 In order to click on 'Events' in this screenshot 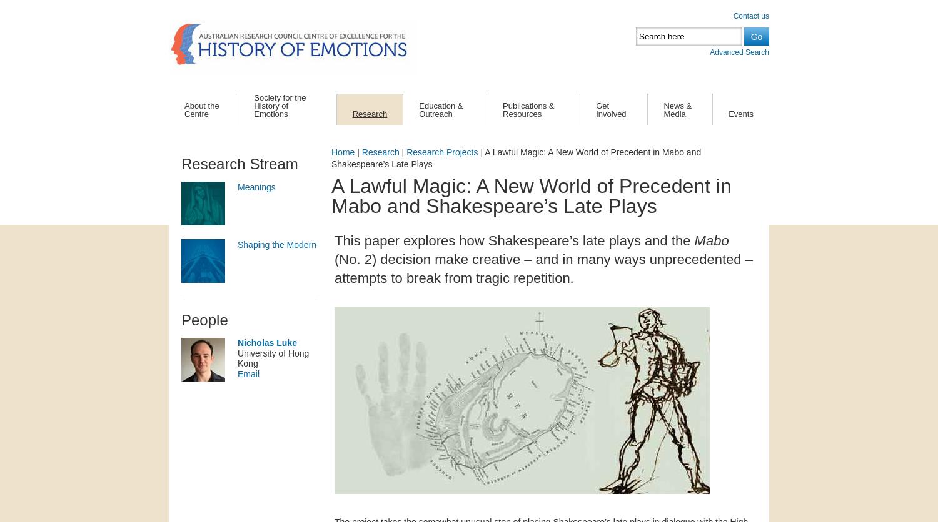, I will do `click(740, 113)`.